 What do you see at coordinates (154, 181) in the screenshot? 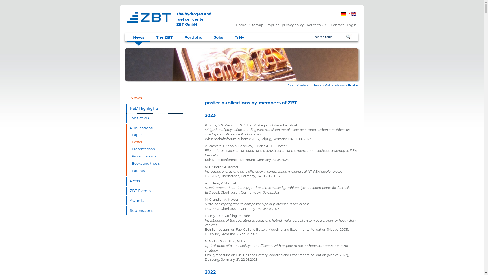
I see `'Press'` at bounding box center [154, 181].